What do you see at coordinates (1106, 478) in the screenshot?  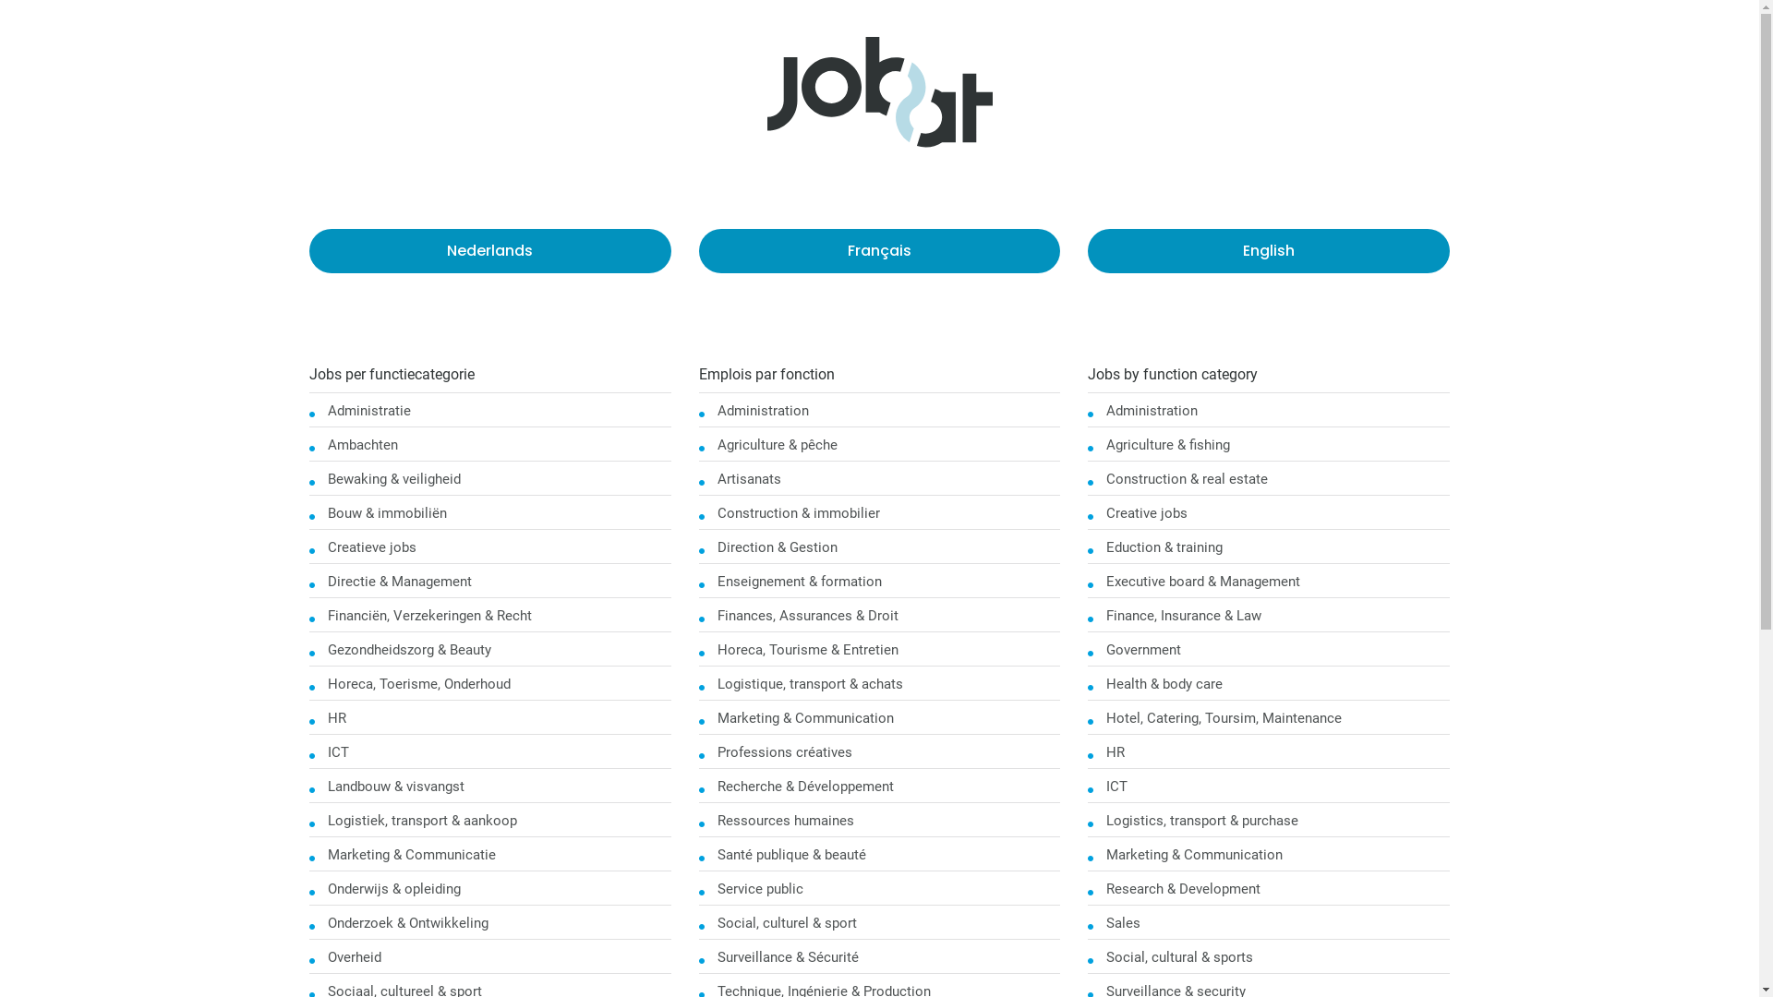 I see `'Construction & real estate'` at bounding box center [1106, 478].